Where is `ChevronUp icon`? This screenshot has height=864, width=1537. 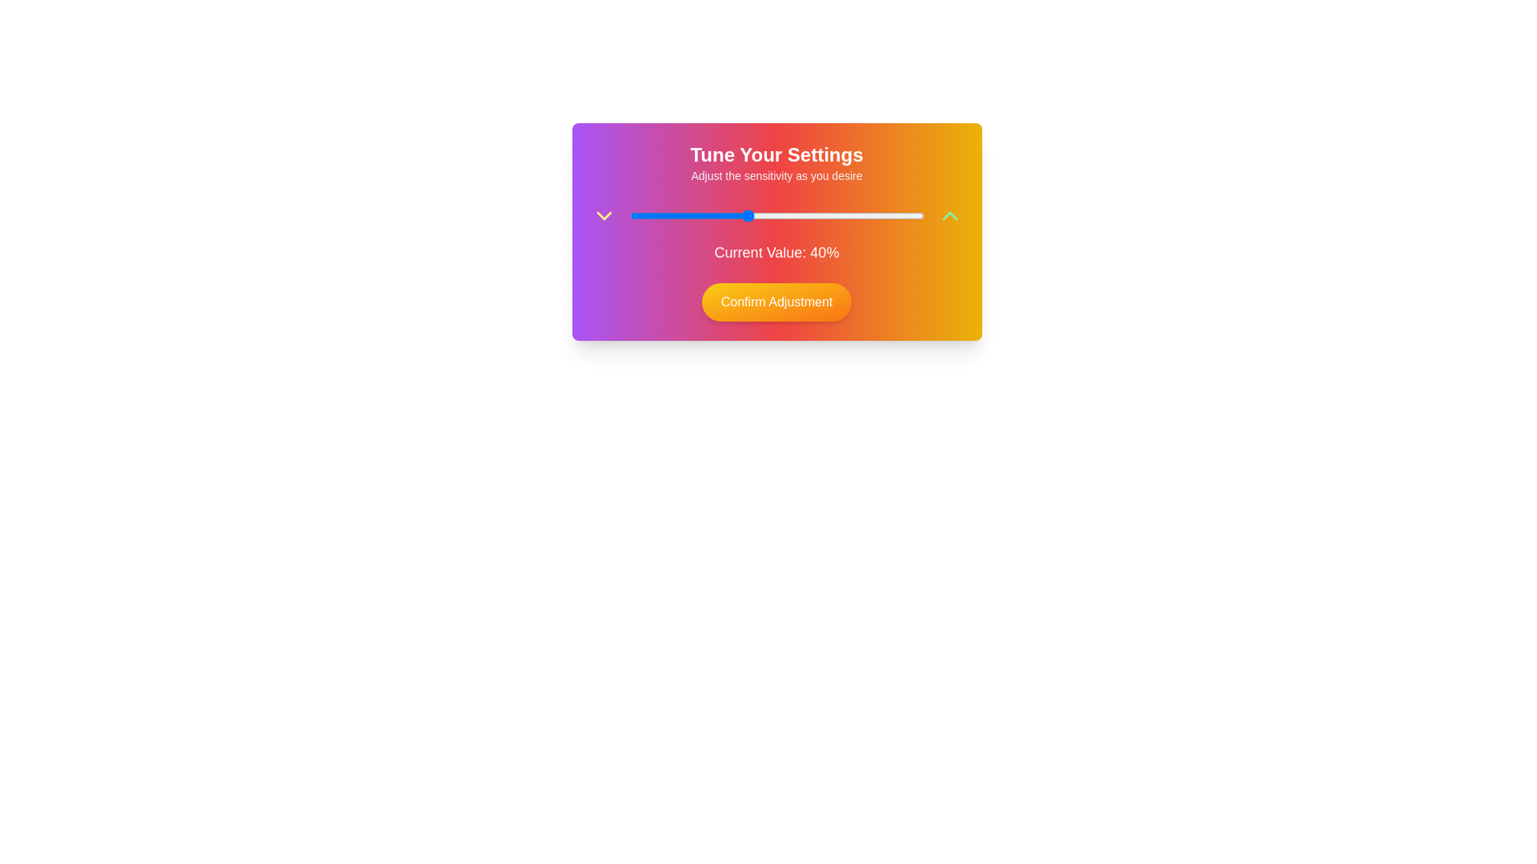 ChevronUp icon is located at coordinates (949, 216).